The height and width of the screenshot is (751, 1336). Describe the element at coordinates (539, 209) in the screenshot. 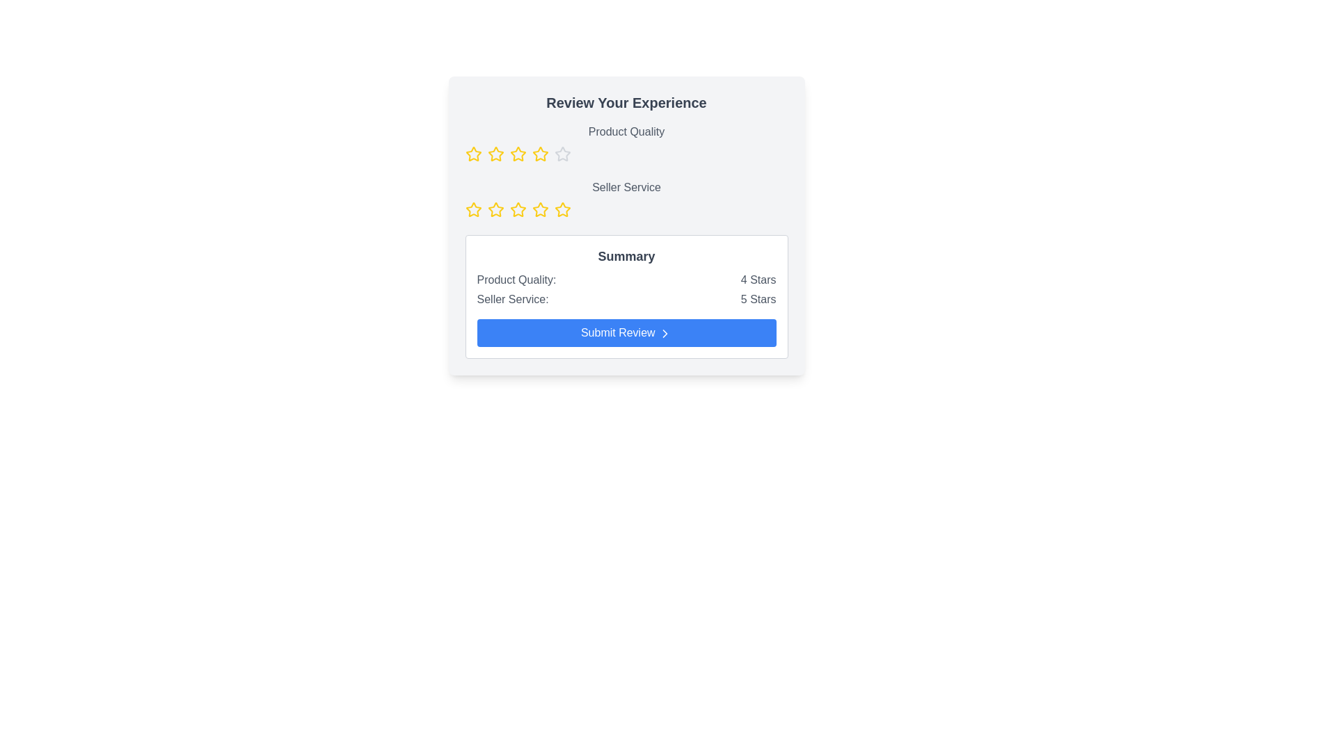

I see `the fifth star icon in the lower row of the rating component under the 'Seller Service' label to rate it` at that location.